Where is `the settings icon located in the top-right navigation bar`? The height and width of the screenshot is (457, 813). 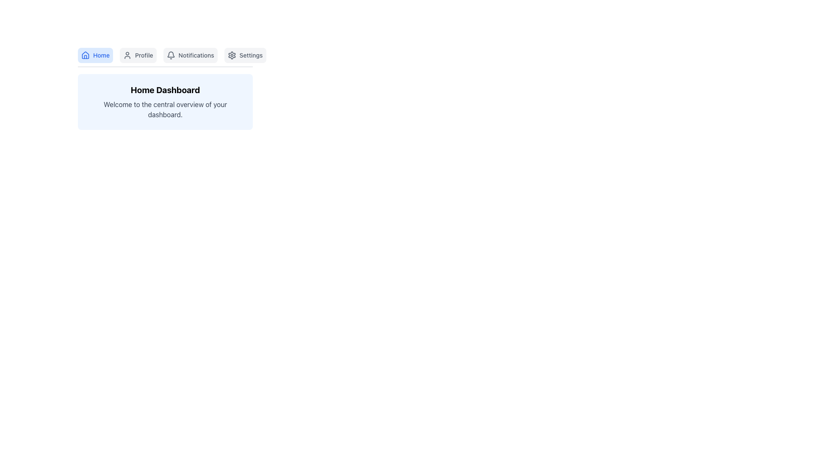
the settings icon located in the top-right navigation bar is located at coordinates (232, 55).